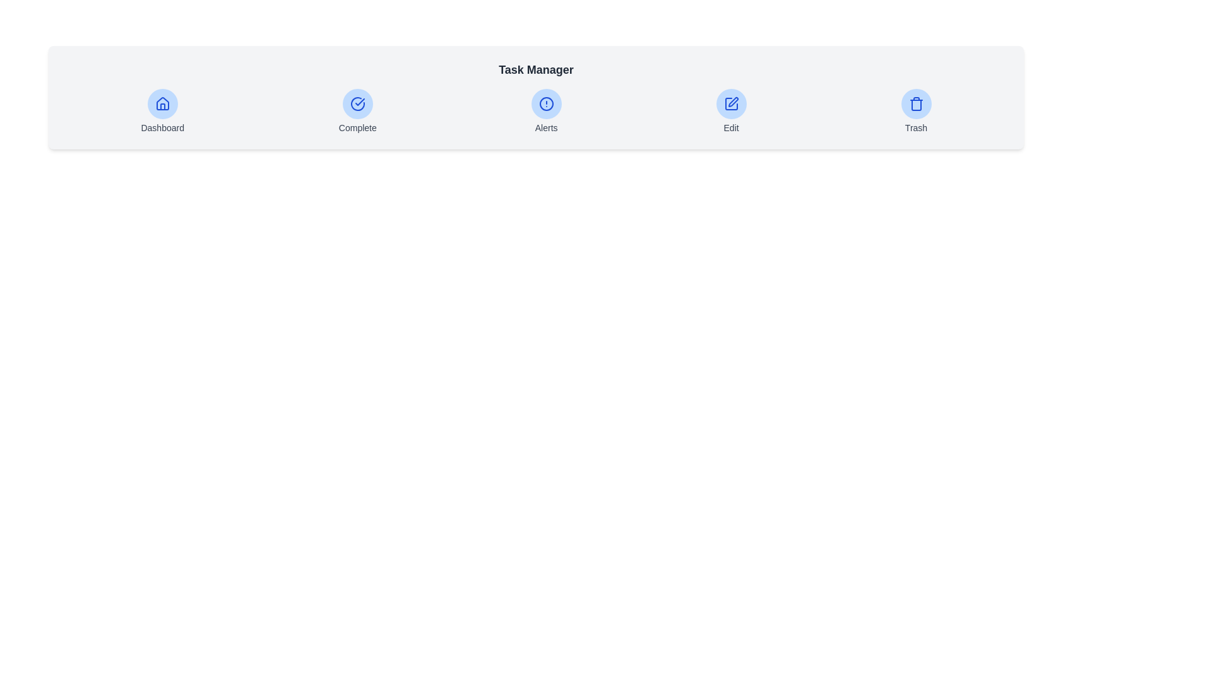  What do you see at coordinates (357, 103) in the screenshot?
I see `the circular icon with a checkmark symbol, which is the second button from the left on the horizontal navigation bar` at bounding box center [357, 103].